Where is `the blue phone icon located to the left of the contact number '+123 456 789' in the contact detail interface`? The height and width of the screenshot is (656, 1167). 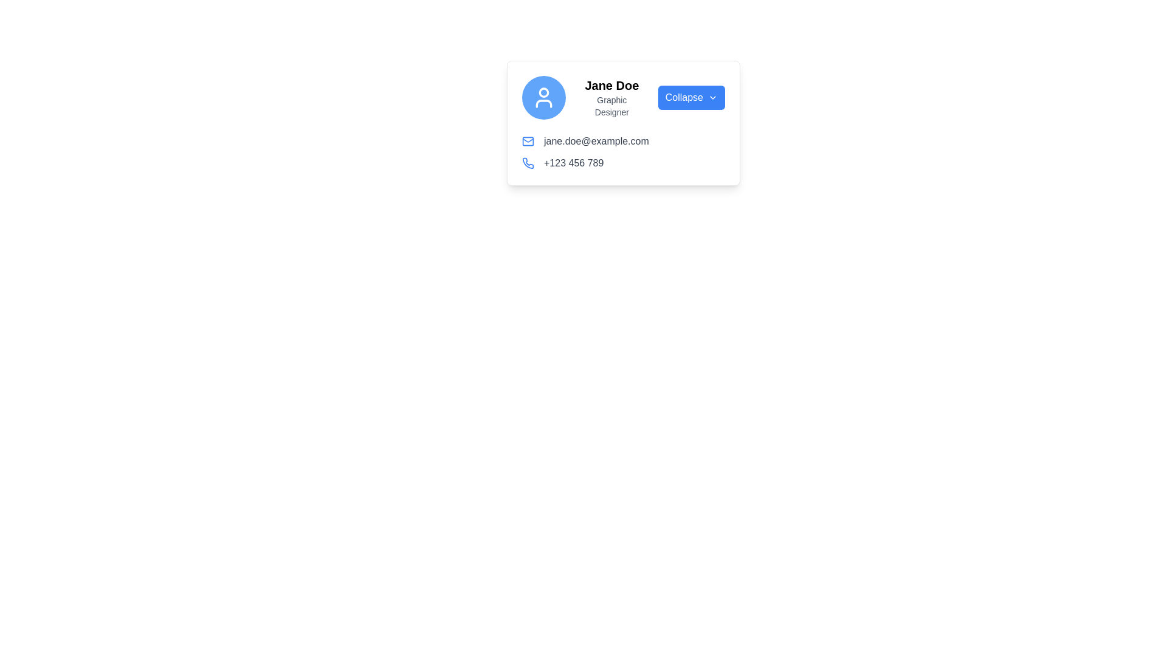 the blue phone icon located to the left of the contact number '+123 456 789' in the contact detail interface is located at coordinates (528, 162).